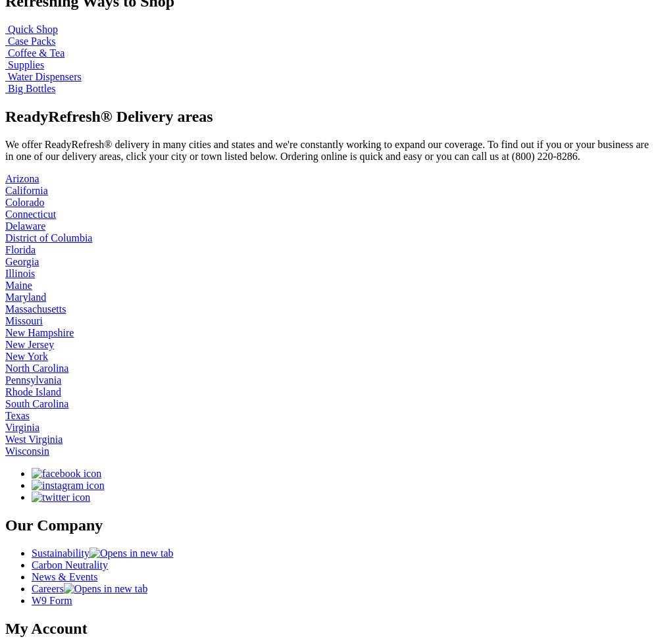 The image size is (658, 639). Describe the element at coordinates (37, 402) in the screenshot. I see `'South Carolina'` at that location.